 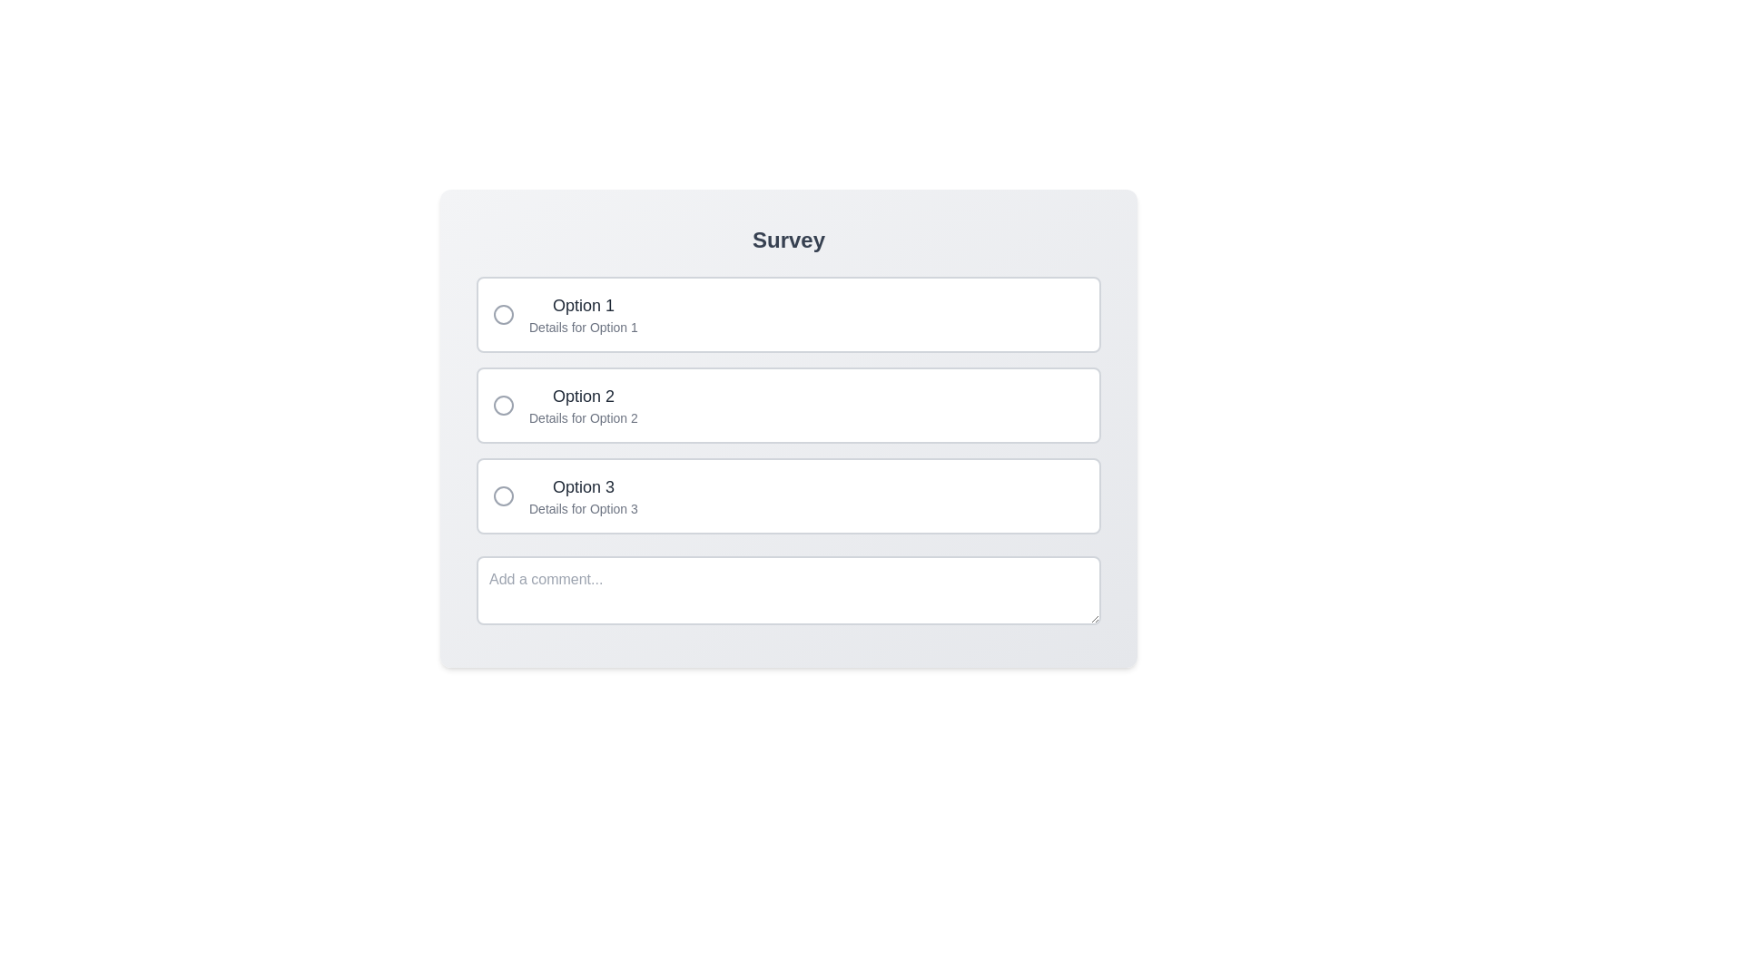 What do you see at coordinates (584, 508) in the screenshot?
I see `the non-interactive text label providing additional details about 'Option 3', located below the main option title in the vertical list of selectable options` at bounding box center [584, 508].